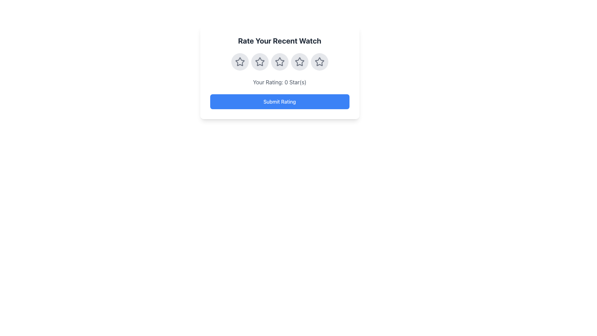 This screenshot has height=336, width=597. Describe the element at coordinates (239, 62) in the screenshot. I see `the first star button in the 5-star rating system` at that location.